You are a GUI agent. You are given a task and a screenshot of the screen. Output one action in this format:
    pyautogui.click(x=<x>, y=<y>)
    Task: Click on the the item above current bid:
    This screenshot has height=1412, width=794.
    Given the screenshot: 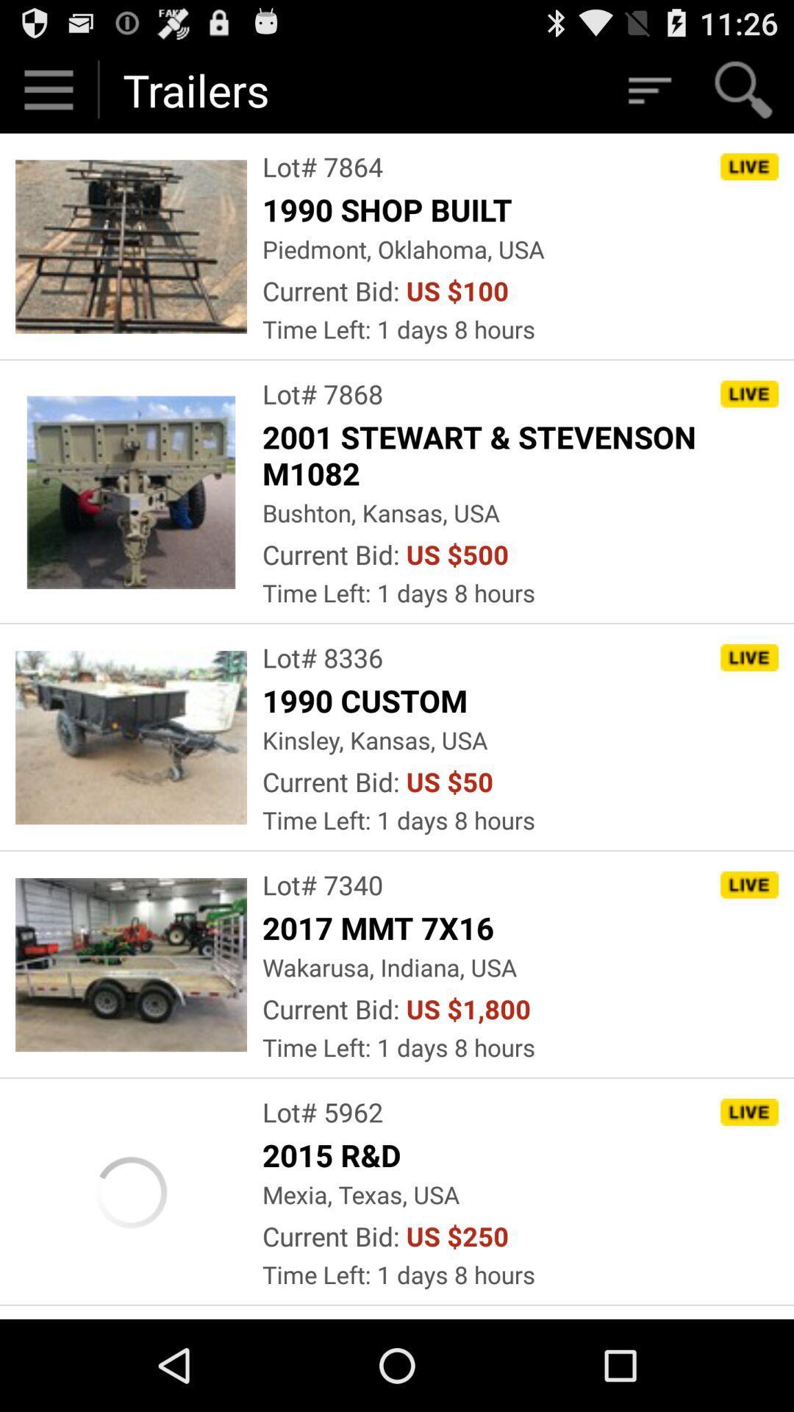 What is the action you would take?
    pyautogui.click(x=403, y=249)
    